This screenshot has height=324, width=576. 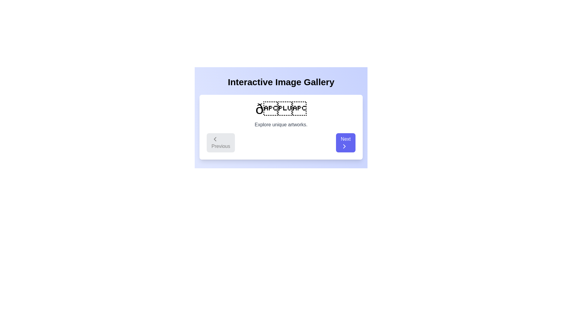 What do you see at coordinates (220, 142) in the screenshot?
I see `the Previous button to navigate the gallery` at bounding box center [220, 142].